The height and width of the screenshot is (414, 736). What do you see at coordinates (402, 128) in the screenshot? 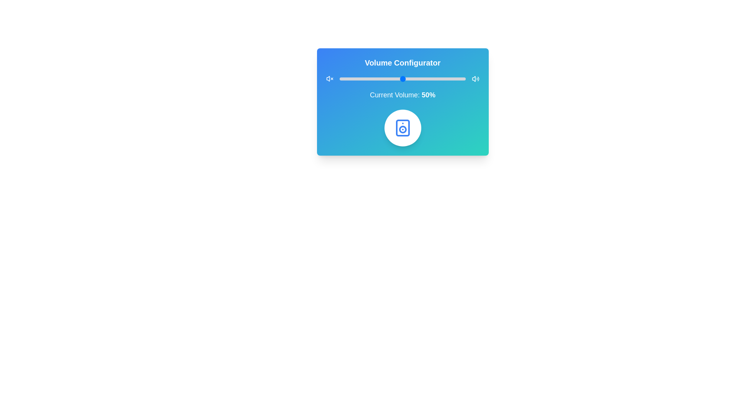
I see `the speaker icon located at the center of the component` at bounding box center [402, 128].